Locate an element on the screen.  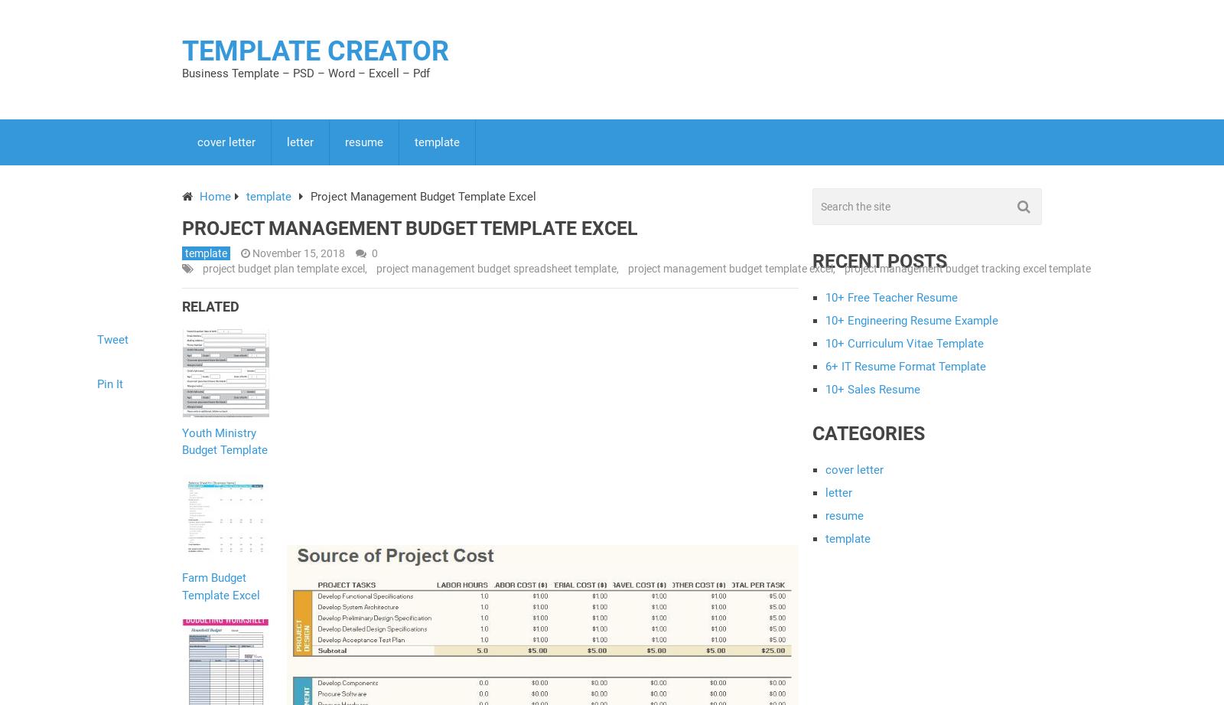
'November 15, 2018' is located at coordinates (252, 253).